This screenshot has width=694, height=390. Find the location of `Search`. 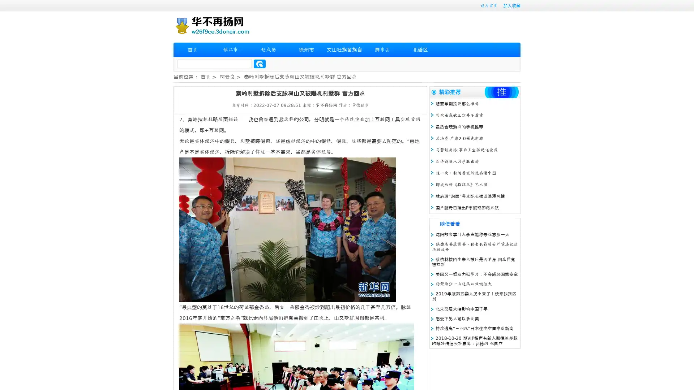

Search is located at coordinates (260, 64).